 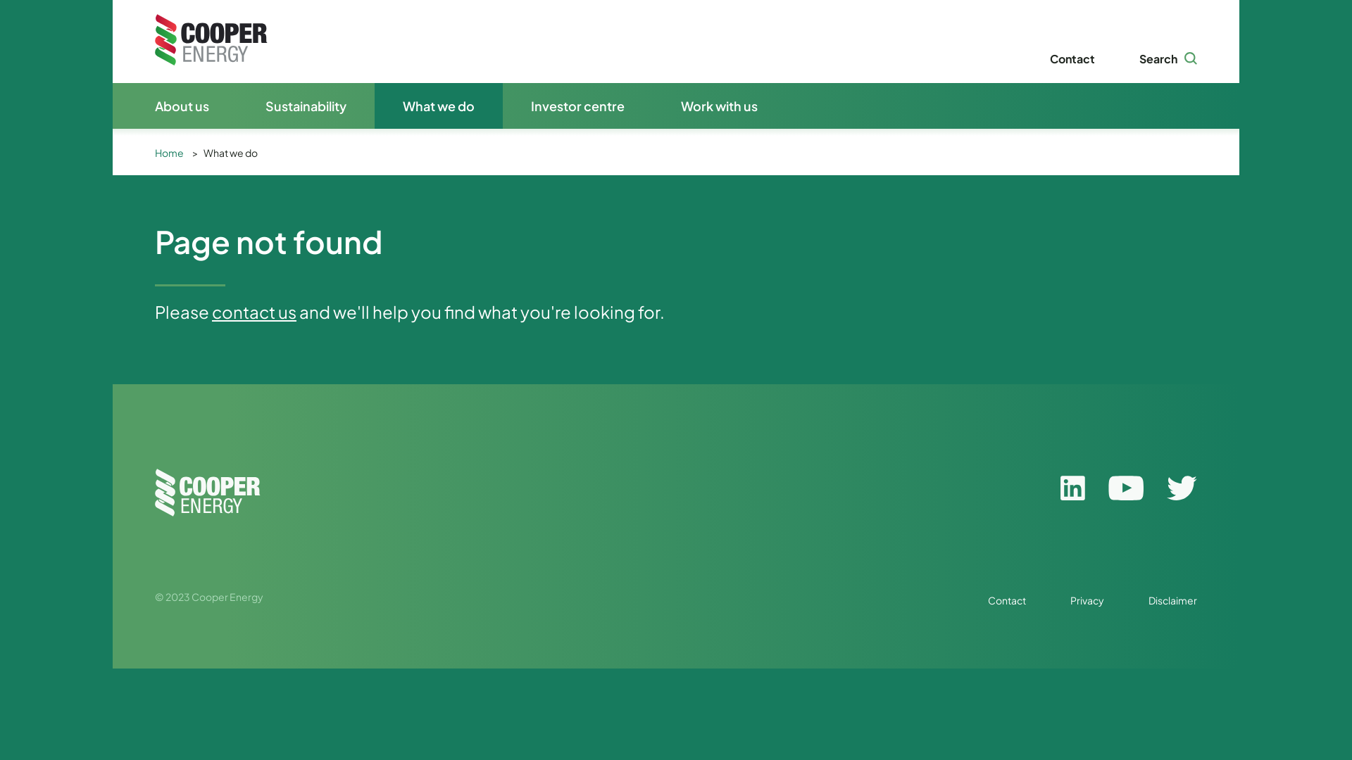 I want to click on 'contact us', so click(x=254, y=311).